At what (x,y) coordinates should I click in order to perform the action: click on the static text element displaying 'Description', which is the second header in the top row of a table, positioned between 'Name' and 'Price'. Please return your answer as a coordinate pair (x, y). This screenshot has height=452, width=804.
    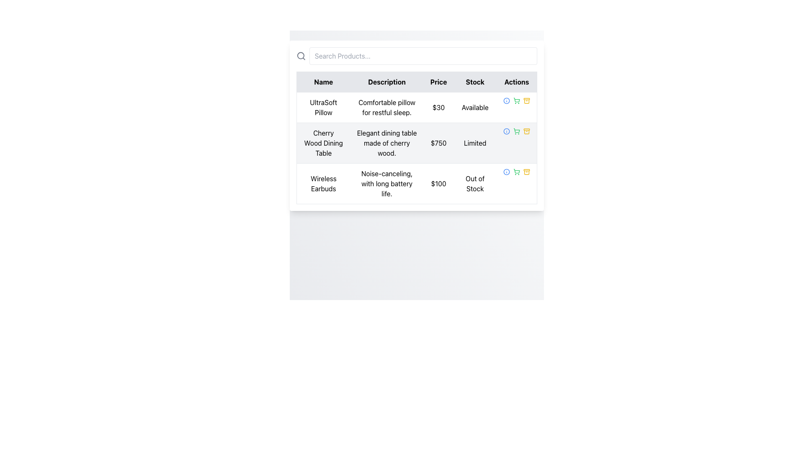
    Looking at the image, I should click on (387, 82).